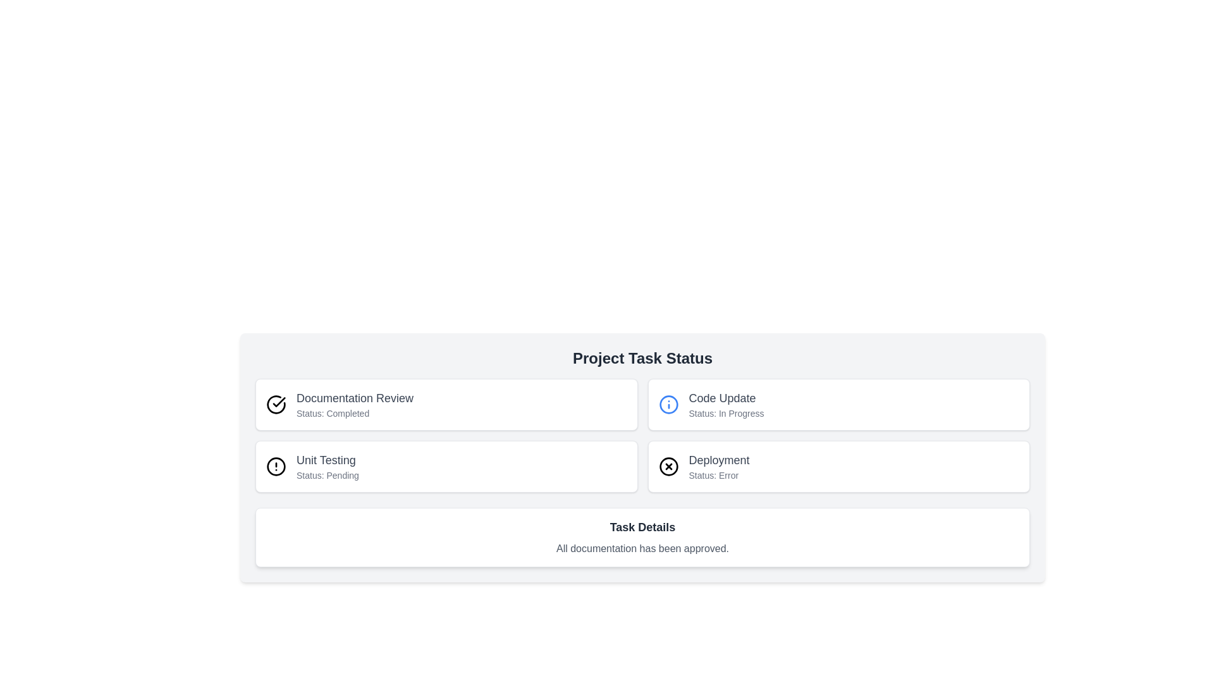  Describe the element at coordinates (719, 460) in the screenshot. I see `the Text Label indicating the name of a task or section, located under the 'Code Update' section and above 'Status: Error'` at that location.